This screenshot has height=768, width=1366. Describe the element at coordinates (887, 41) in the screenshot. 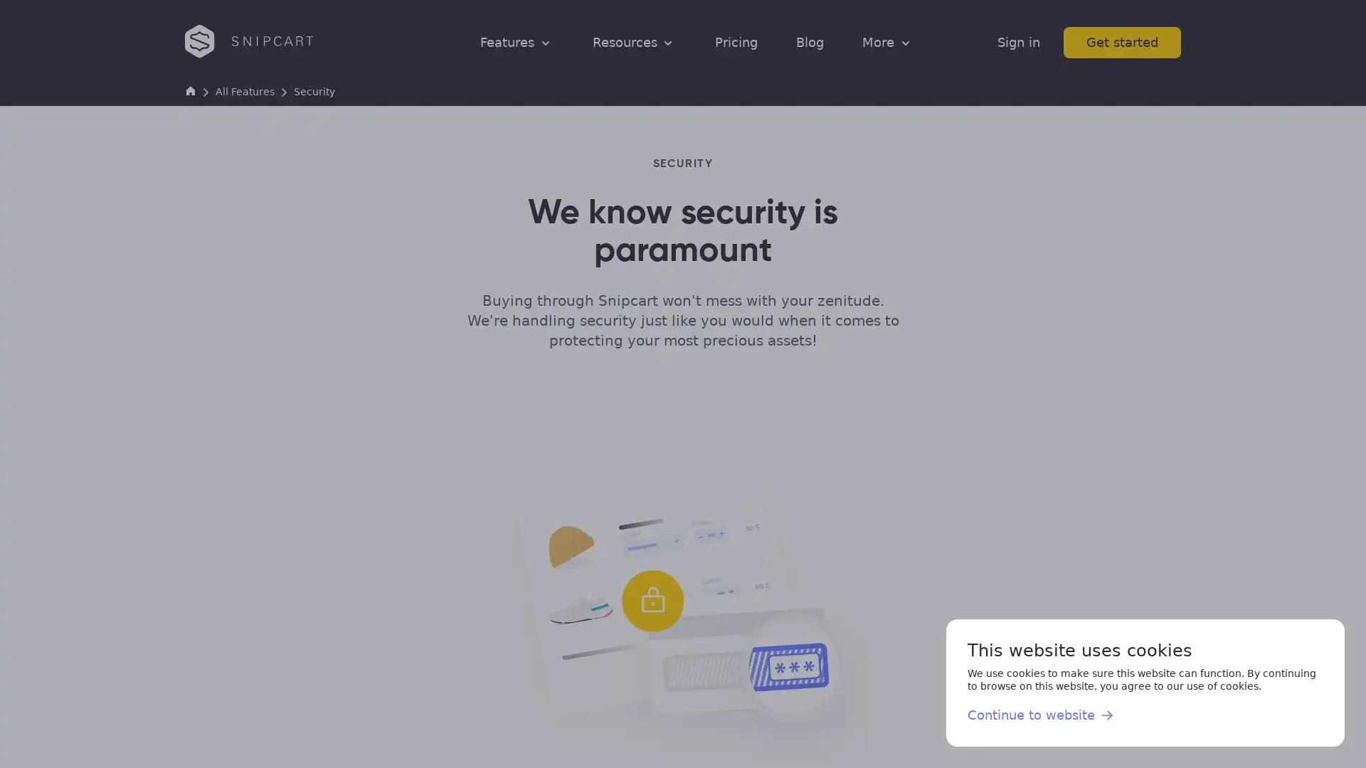

I see `More` at that location.